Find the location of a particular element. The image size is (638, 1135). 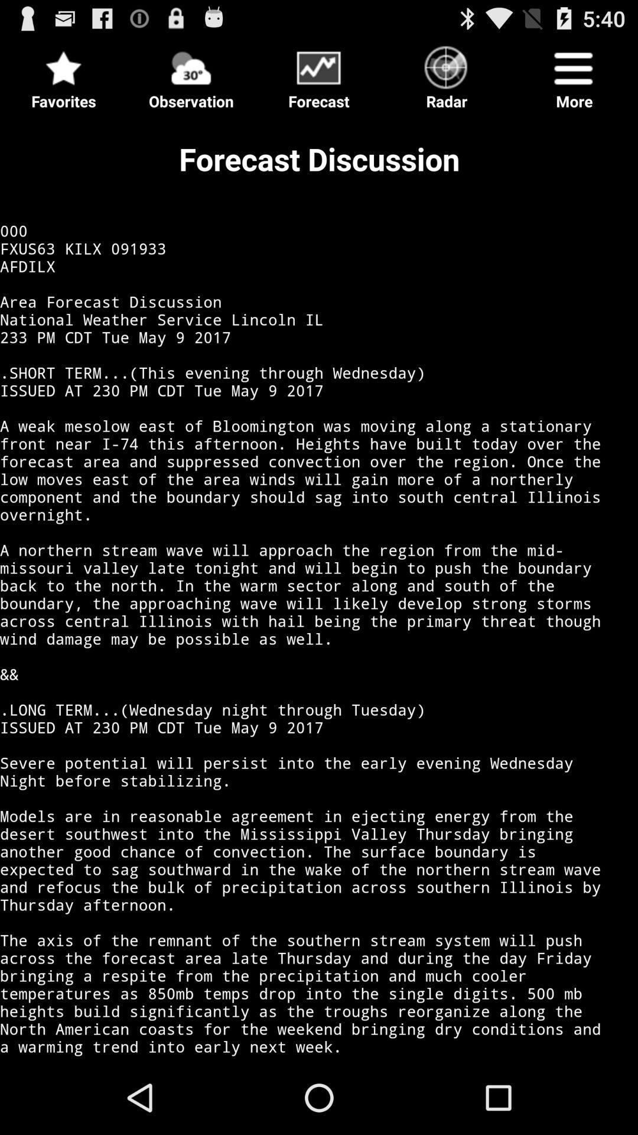

forecast discussion is located at coordinates (319, 588).